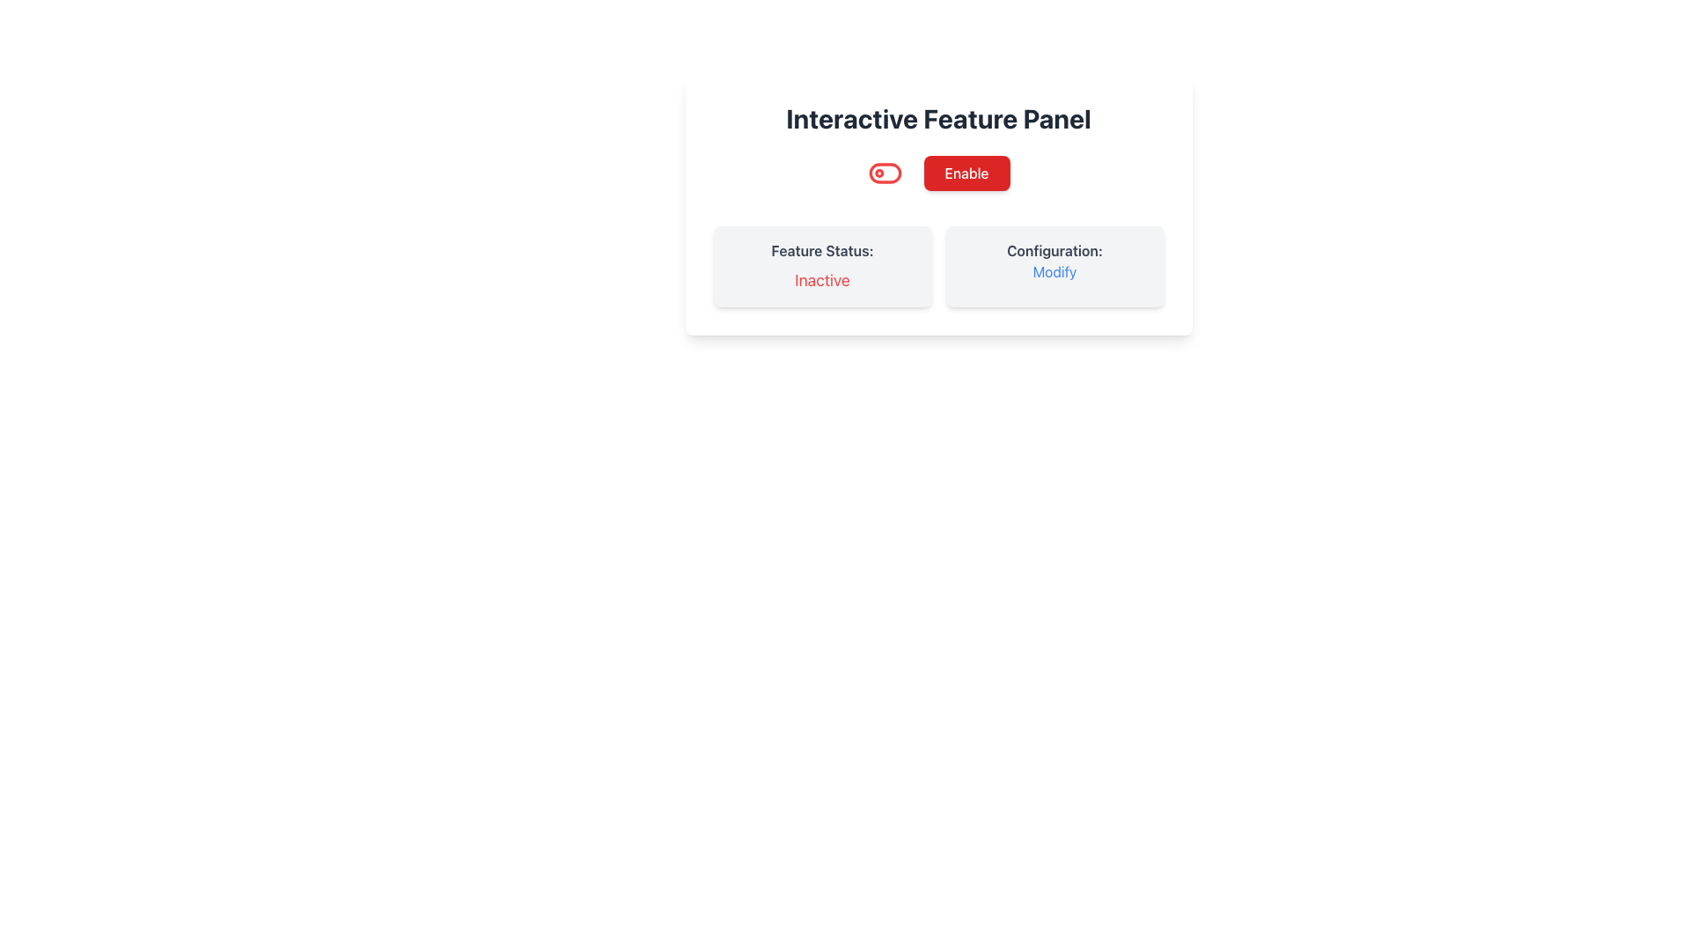 This screenshot has width=1690, height=951. Describe the element at coordinates (1054, 267) in the screenshot. I see `the hyperlink labeled 'Modify' on the informational card with a light gray background located in the bottom-right portion of the Interactive Feature Panel` at that location.